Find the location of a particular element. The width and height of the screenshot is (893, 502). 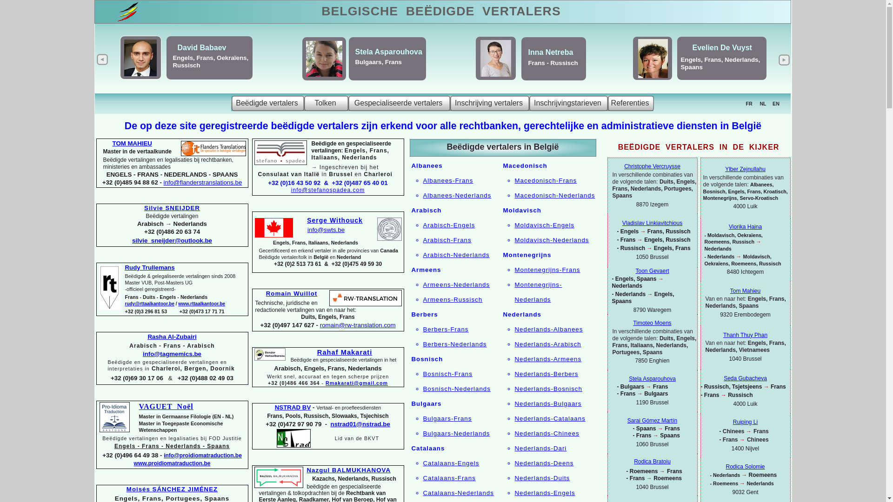

'silvie_sneijder@outlook.be' is located at coordinates (131, 240).